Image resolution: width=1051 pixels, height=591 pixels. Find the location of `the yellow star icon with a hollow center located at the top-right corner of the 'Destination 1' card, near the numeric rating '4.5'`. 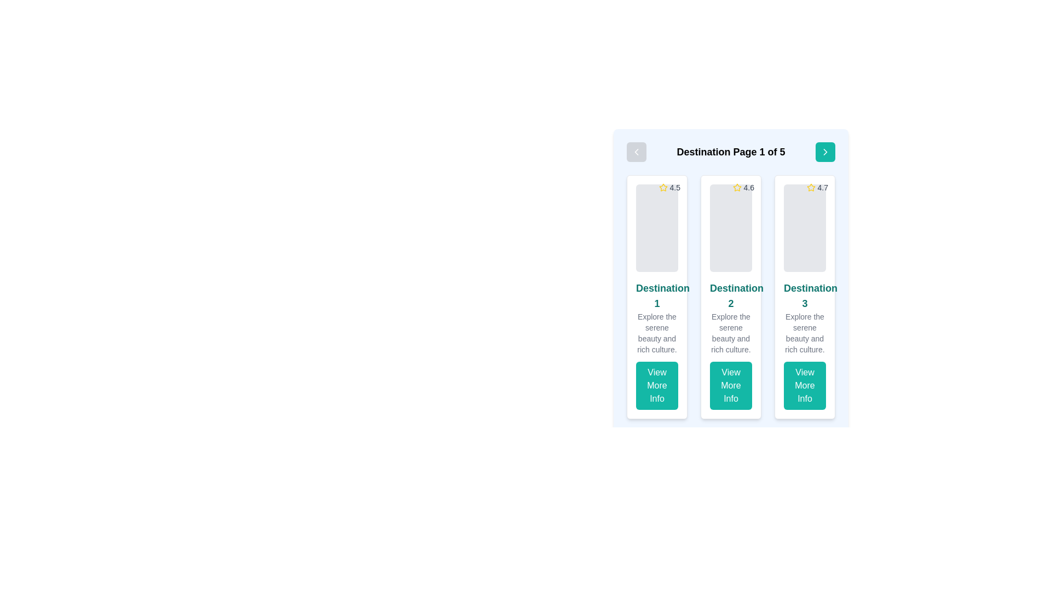

the yellow star icon with a hollow center located at the top-right corner of the 'Destination 1' card, near the numeric rating '4.5' is located at coordinates (662, 187).